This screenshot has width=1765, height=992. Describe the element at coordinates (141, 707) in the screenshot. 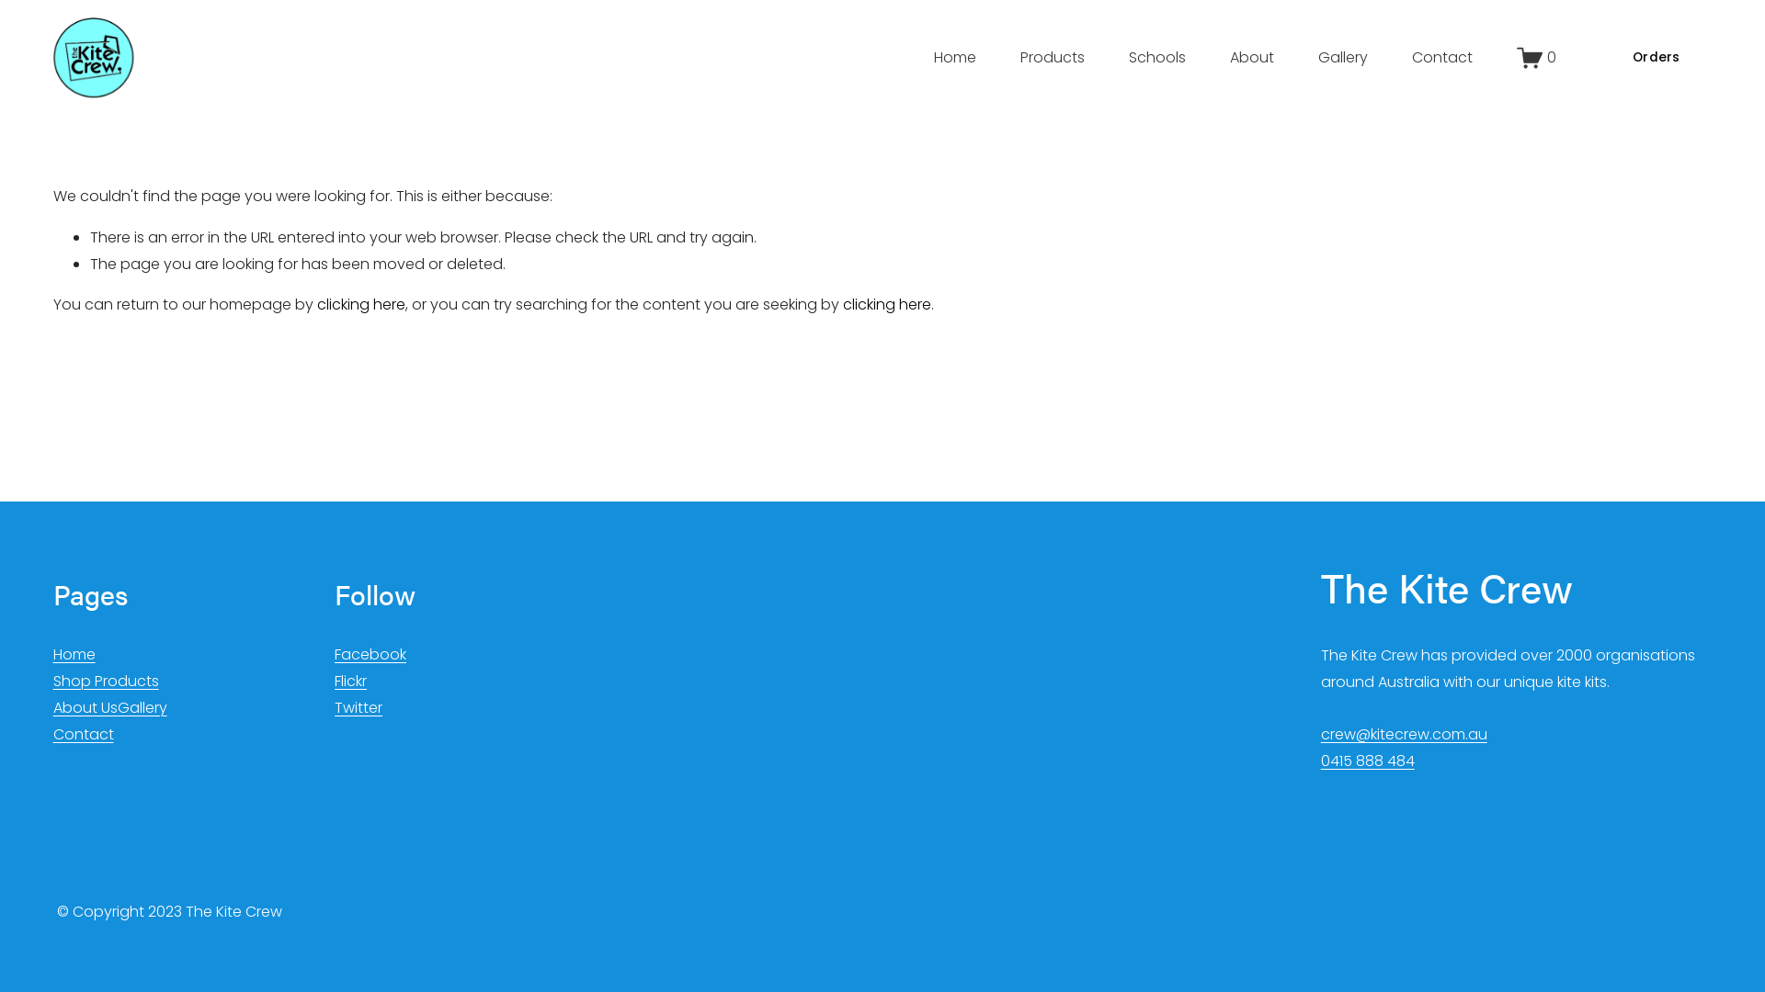

I see `'Gallery'` at that location.